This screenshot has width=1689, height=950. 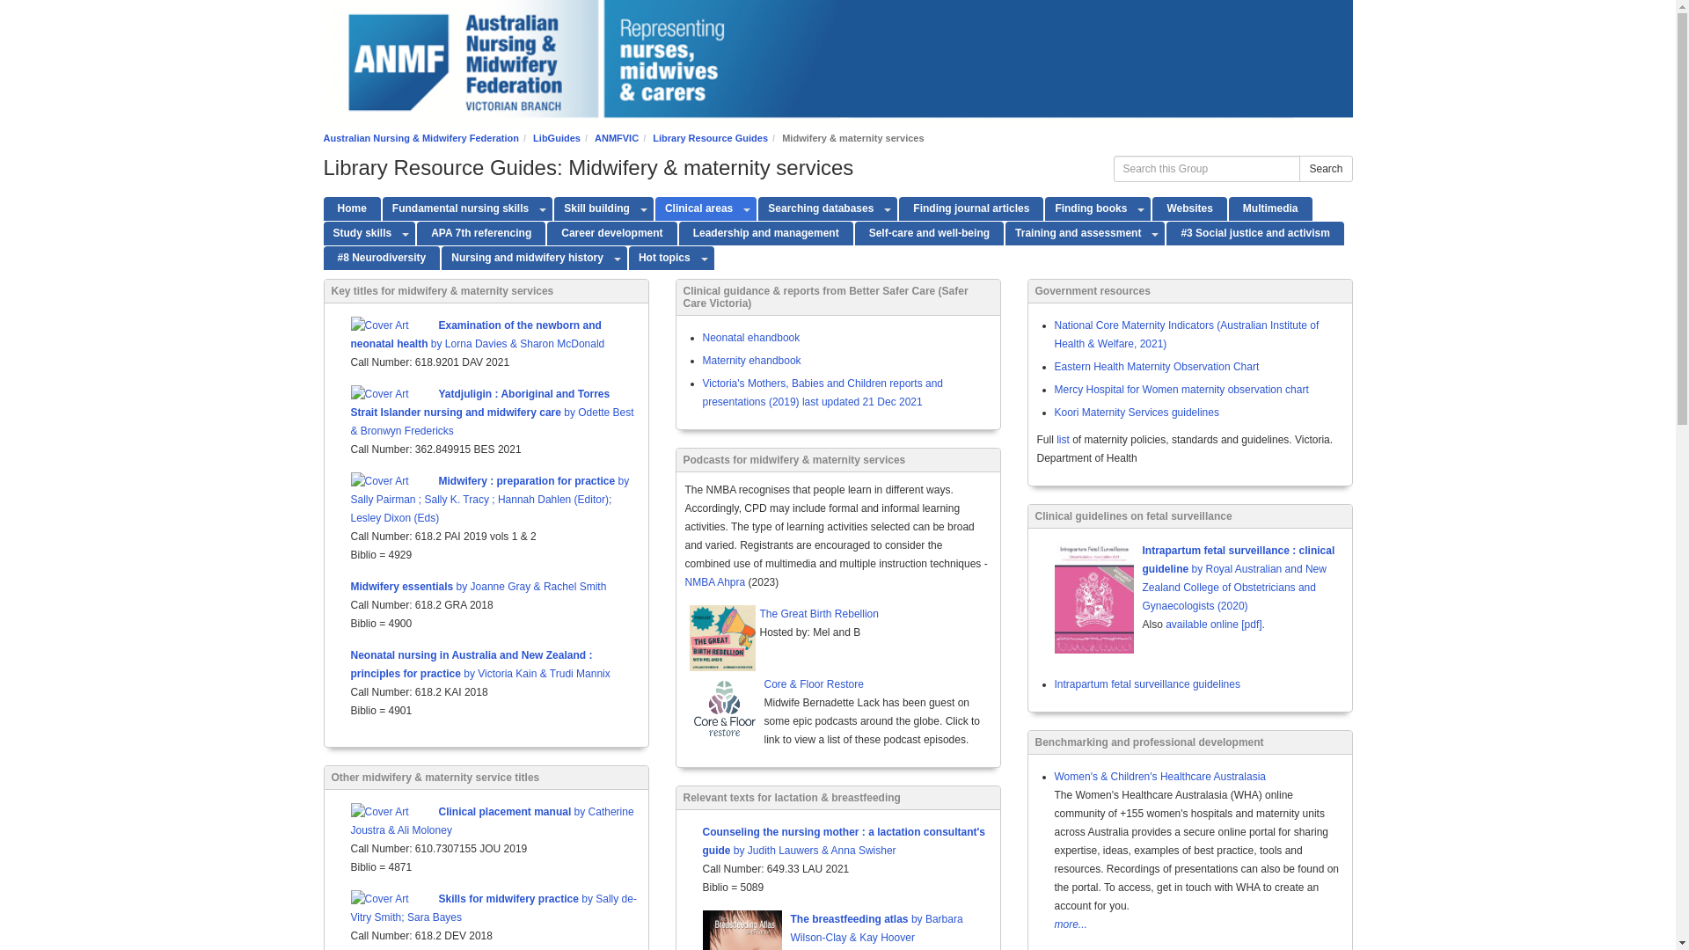 I want to click on 'Study skills', so click(x=359, y=232).